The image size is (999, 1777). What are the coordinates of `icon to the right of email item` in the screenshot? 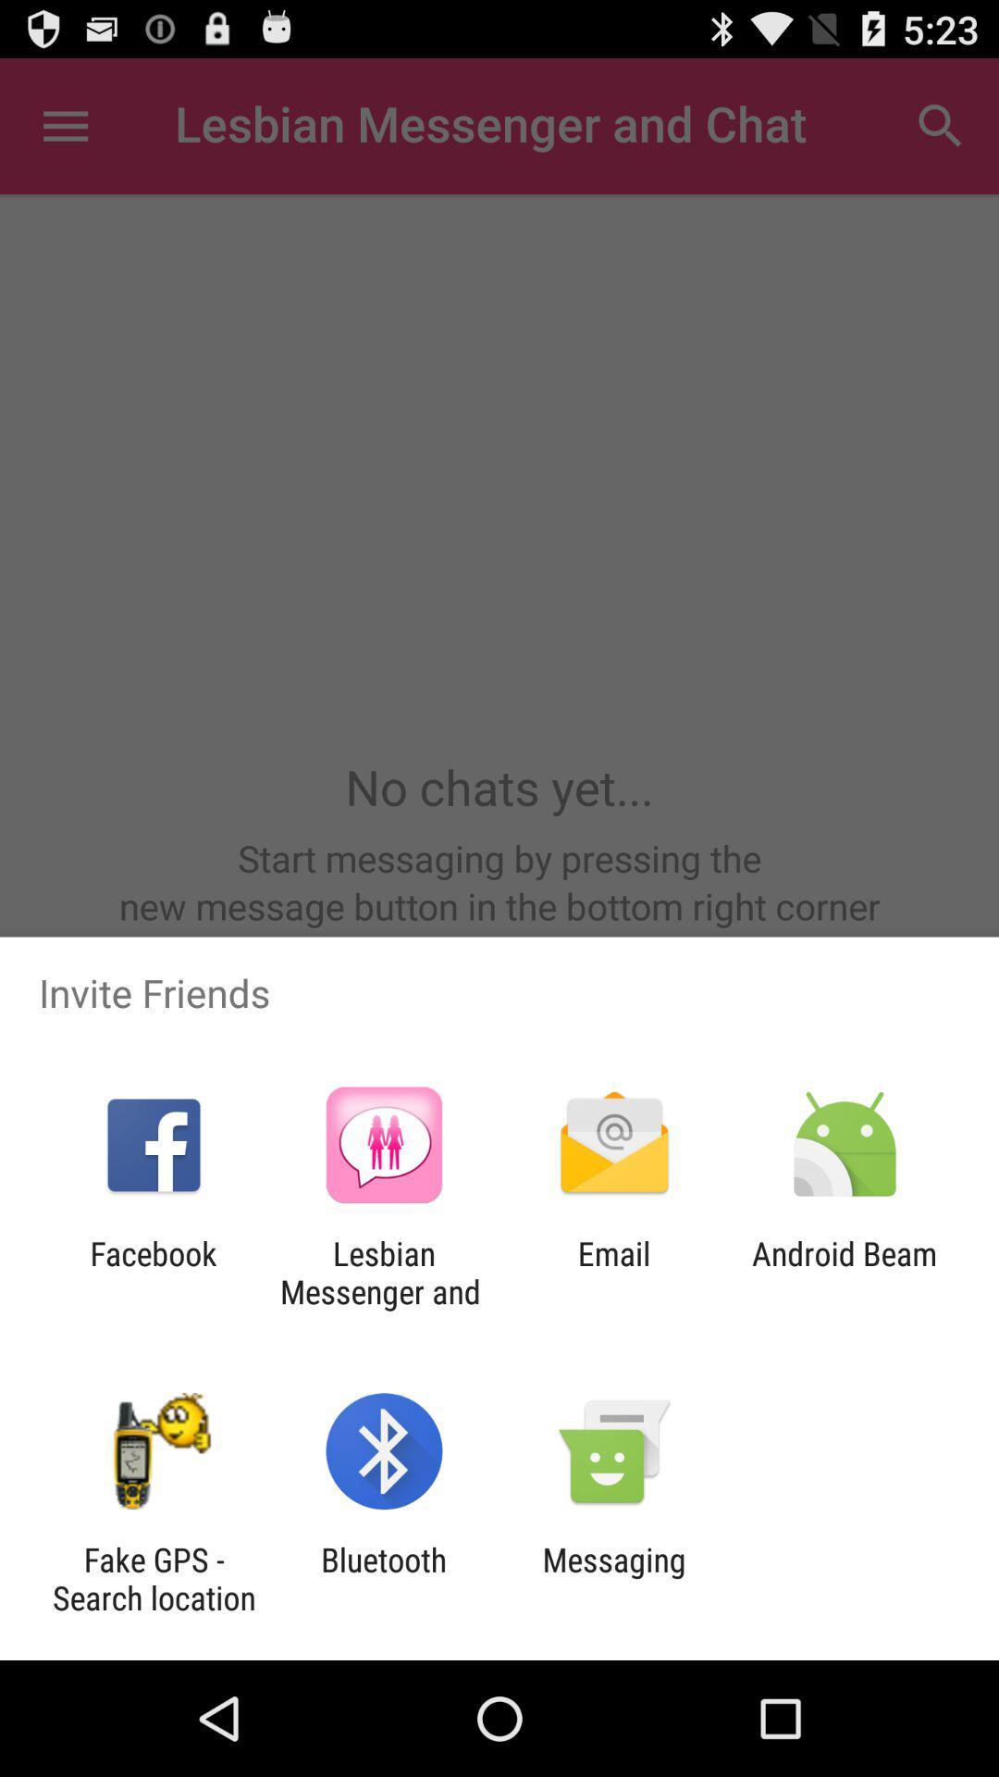 It's located at (845, 1272).